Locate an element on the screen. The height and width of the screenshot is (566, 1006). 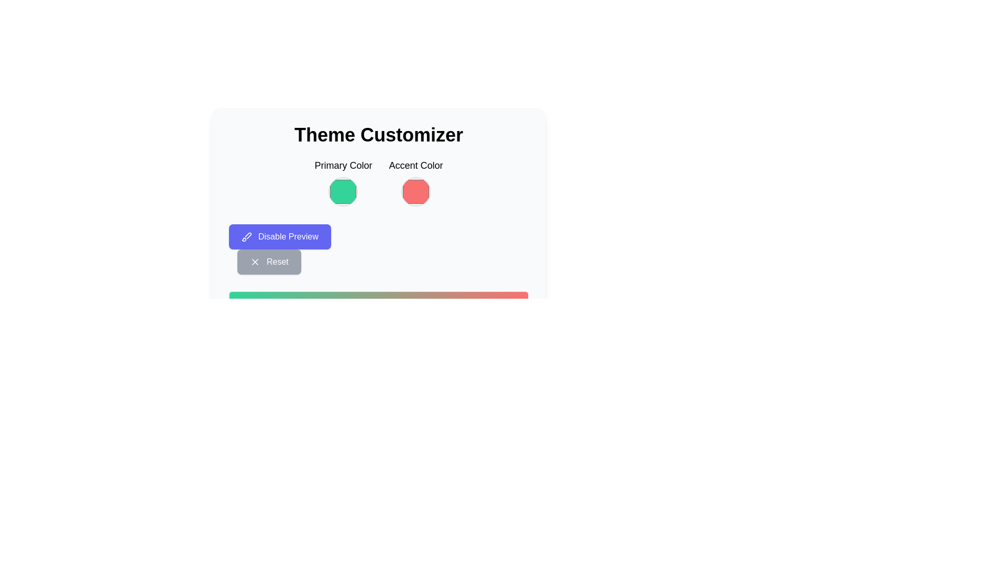
the rectangular button with a purple background and white text reading 'Disable Preview' to observe a visual state change is located at coordinates (280, 236).